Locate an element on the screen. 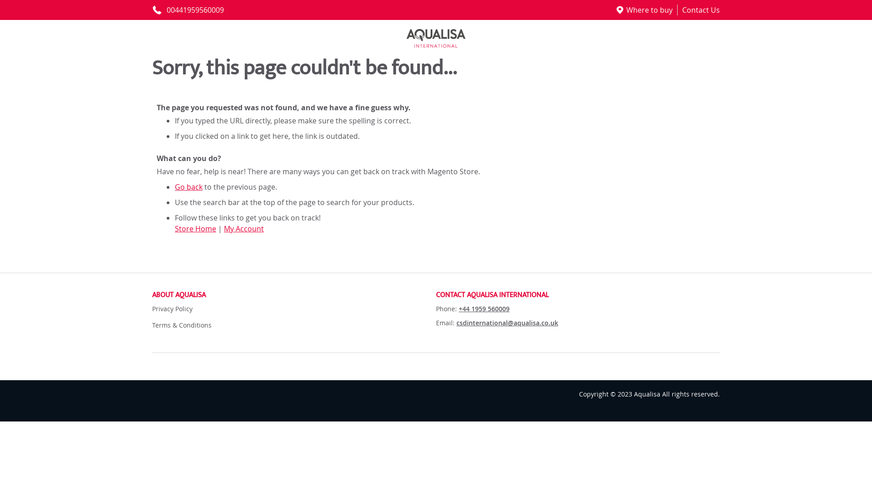 The image size is (872, 490). 'Privacy Policy' is located at coordinates (172, 308).